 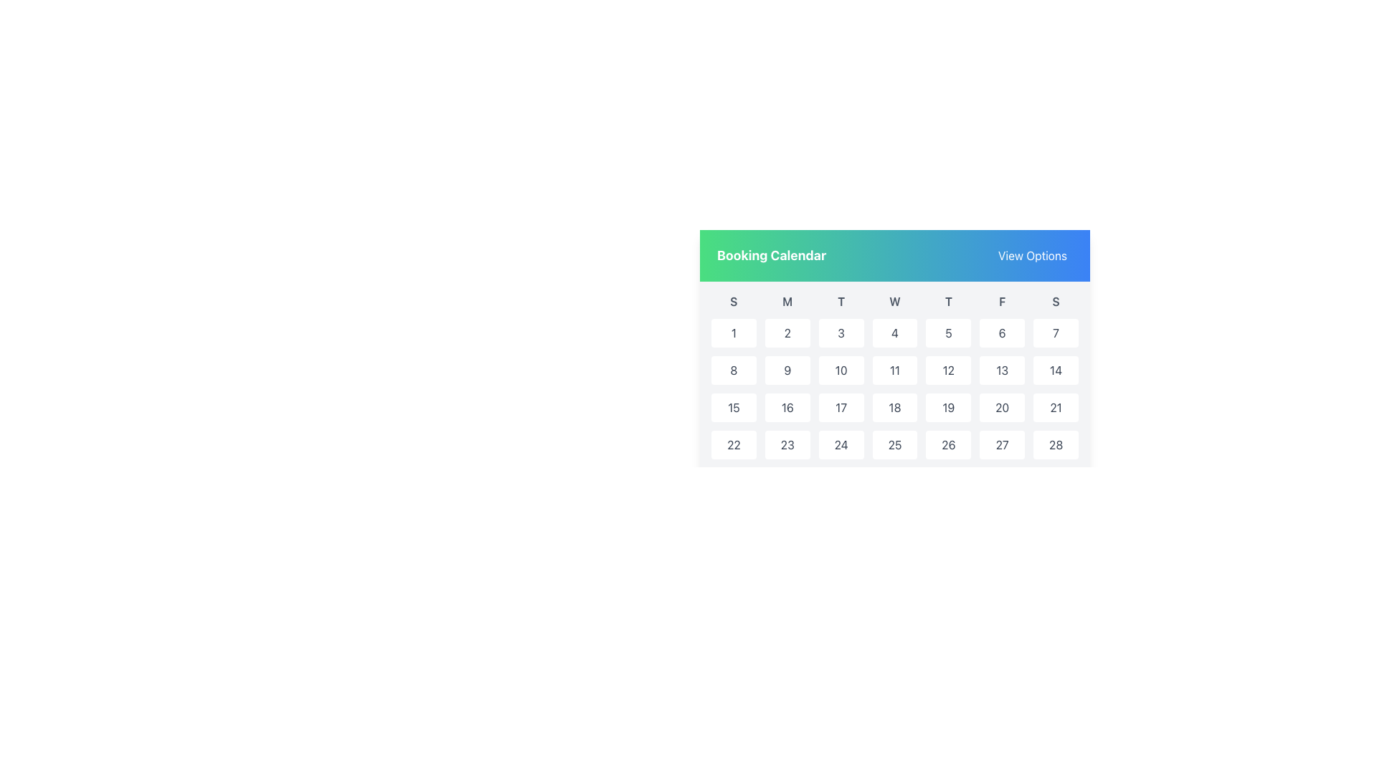 What do you see at coordinates (734, 408) in the screenshot?
I see `the calendar day cell displaying the number '15'` at bounding box center [734, 408].